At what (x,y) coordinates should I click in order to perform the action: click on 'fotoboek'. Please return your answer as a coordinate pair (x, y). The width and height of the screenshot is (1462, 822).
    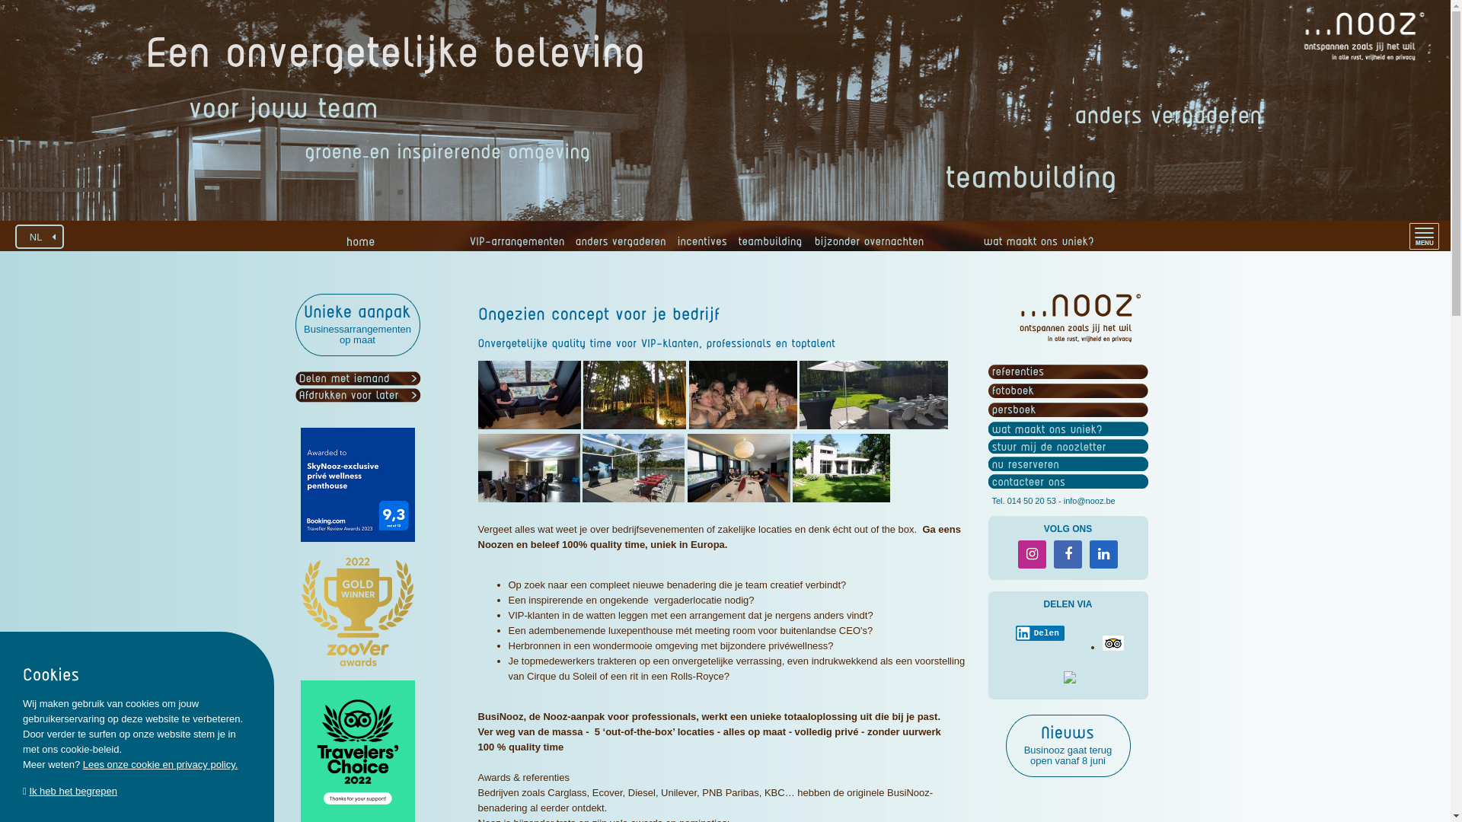
    Looking at the image, I should click on (1012, 390).